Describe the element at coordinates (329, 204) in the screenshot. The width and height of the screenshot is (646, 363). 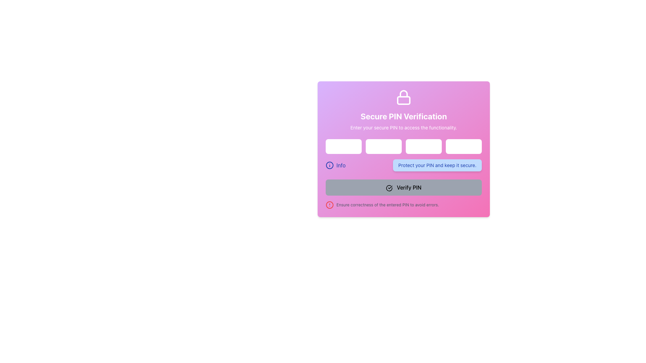
I see `SVG Circle element that serves as part of the alert icon indicating a warning or error related to the entered PIN, located at the bottom-left of the form near the 'Ensure correctness' warning message` at that location.